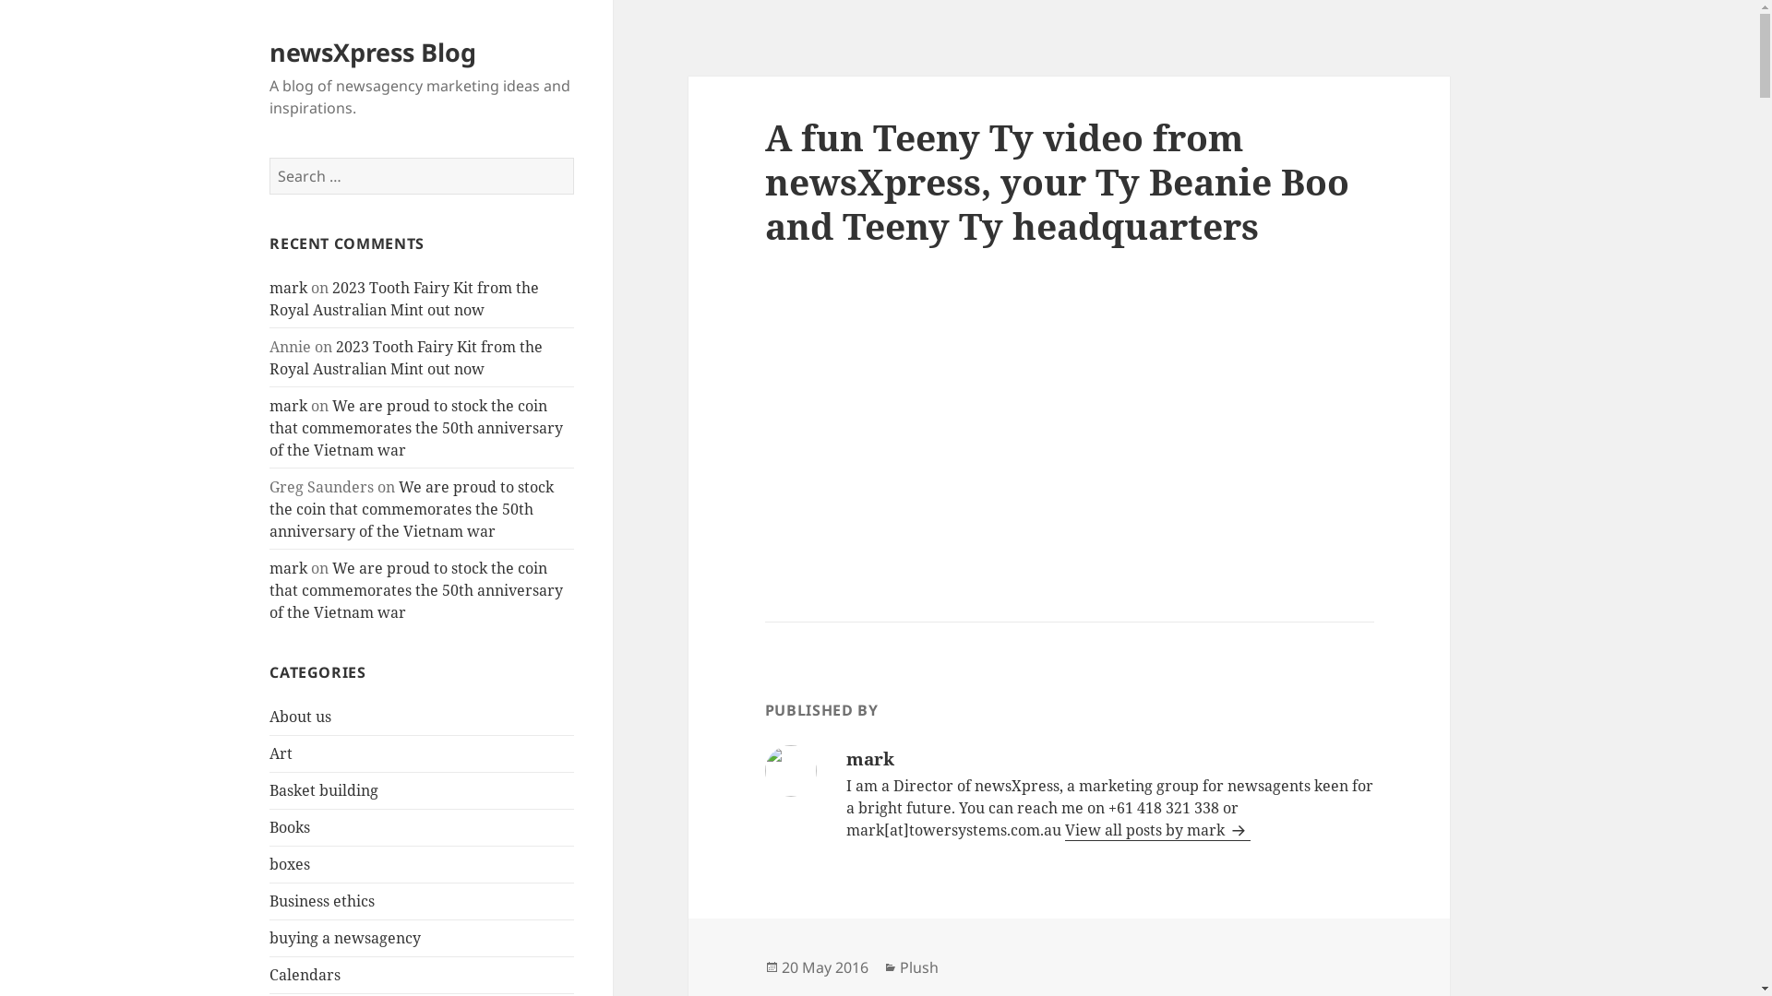 This screenshot has height=996, width=1772. What do you see at coordinates (280, 753) in the screenshot?
I see `'Art'` at bounding box center [280, 753].